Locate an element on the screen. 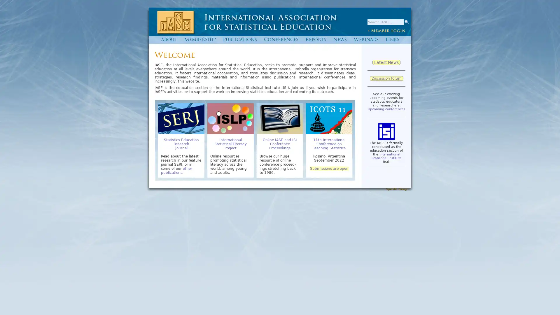 This screenshot has height=315, width=560. Submit is located at coordinates (406, 21).